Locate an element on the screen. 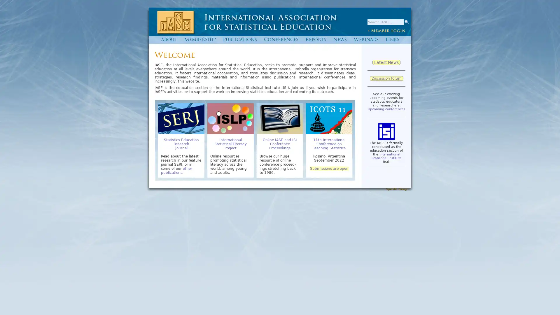 This screenshot has height=315, width=560. Submit is located at coordinates (406, 21).